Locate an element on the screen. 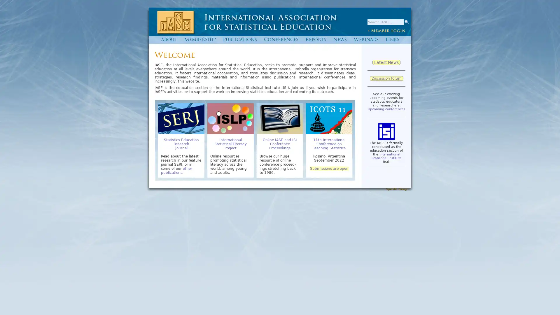 This screenshot has height=315, width=560. Submit is located at coordinates (406, 21).